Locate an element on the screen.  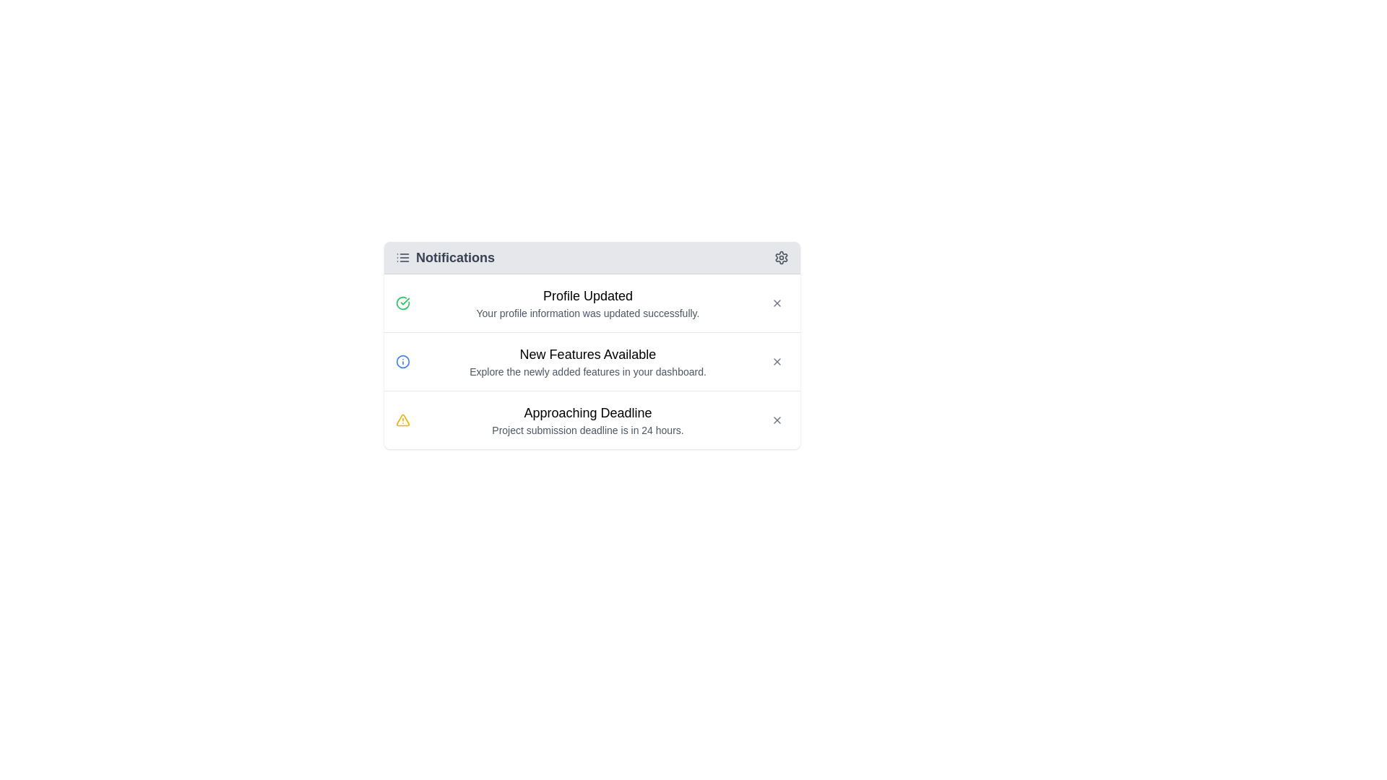
the visual indicator icon located to the left of the notification message stating 'Profile Updated' with subtext 'Your profile information was updated successfully.' is located at coordinates (402, 303).